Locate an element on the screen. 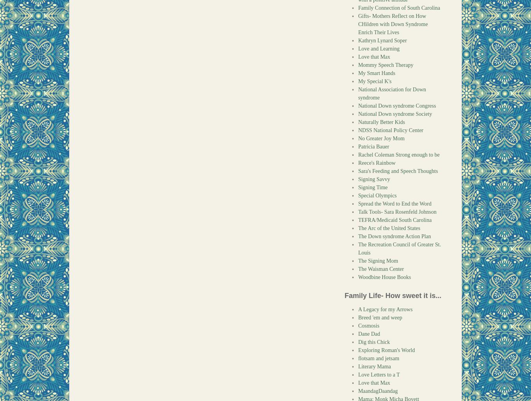 The height and width of the screenshot is (401, 531). 'The Down syndrome Action Plan' is located at coordinates (394, 236).